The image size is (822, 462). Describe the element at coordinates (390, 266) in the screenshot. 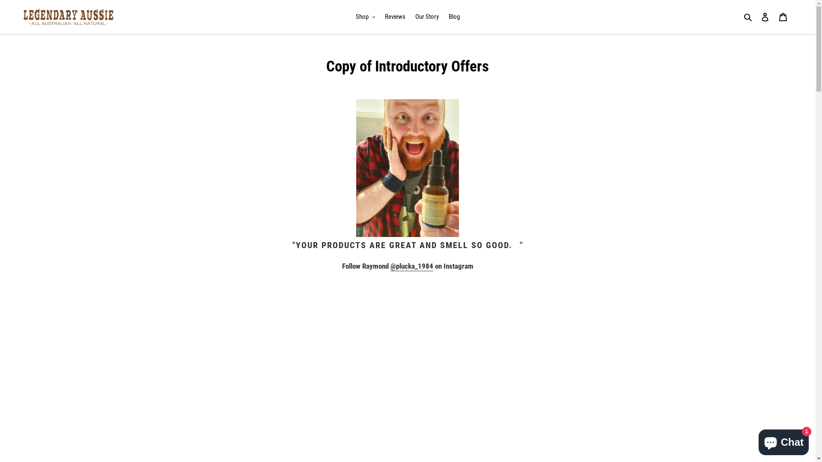

I see `'@plucka_1984'` at that location.